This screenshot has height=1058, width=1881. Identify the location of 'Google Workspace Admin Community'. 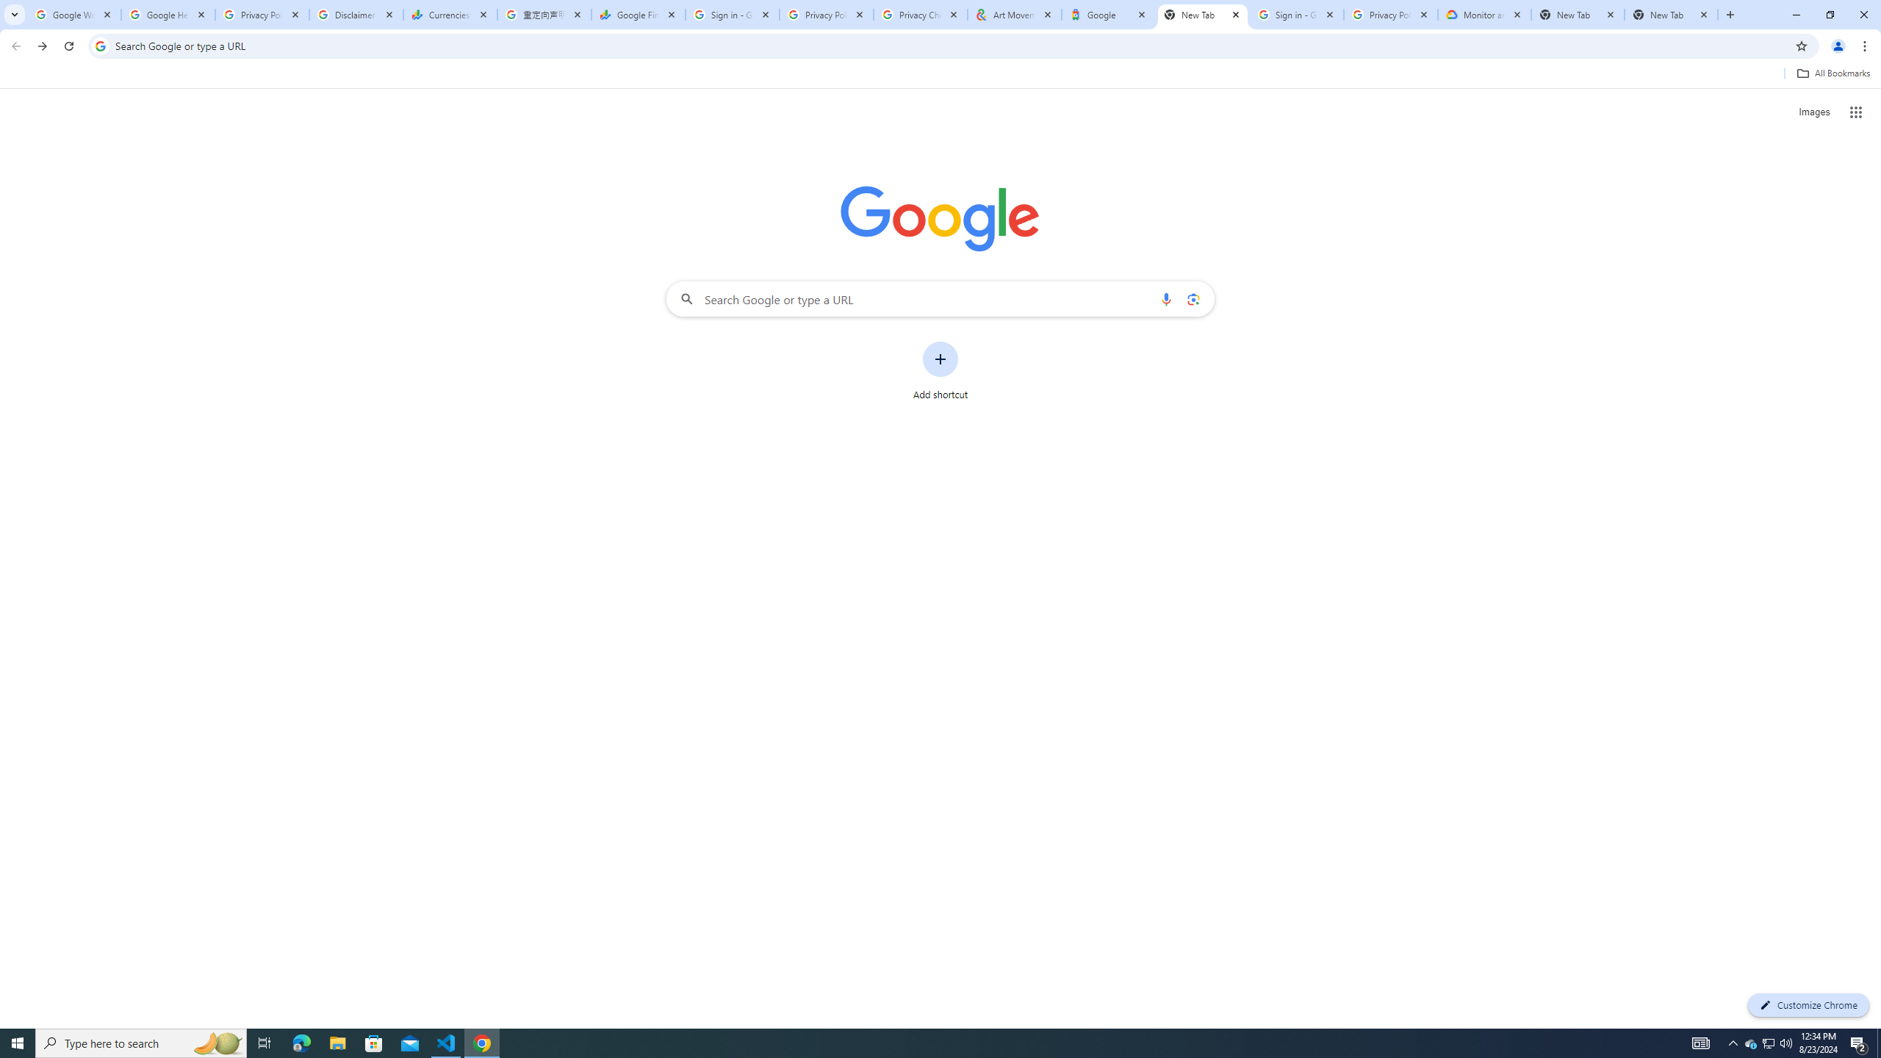
(74, 14).